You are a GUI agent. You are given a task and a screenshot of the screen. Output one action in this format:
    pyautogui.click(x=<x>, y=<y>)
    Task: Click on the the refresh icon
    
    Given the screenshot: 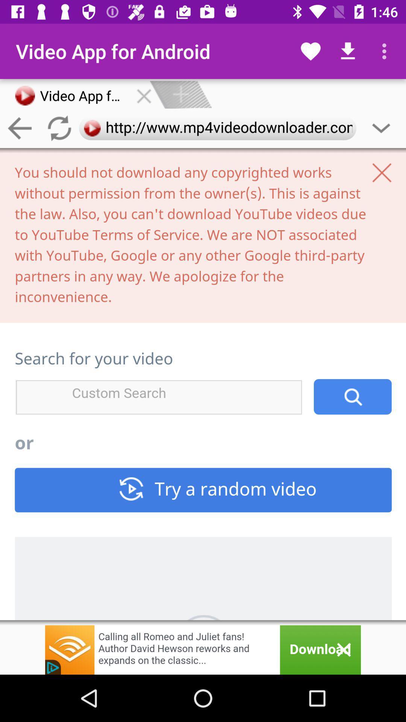 What is the action you would take?
    pyautogui.click(x=59, y=128)
    